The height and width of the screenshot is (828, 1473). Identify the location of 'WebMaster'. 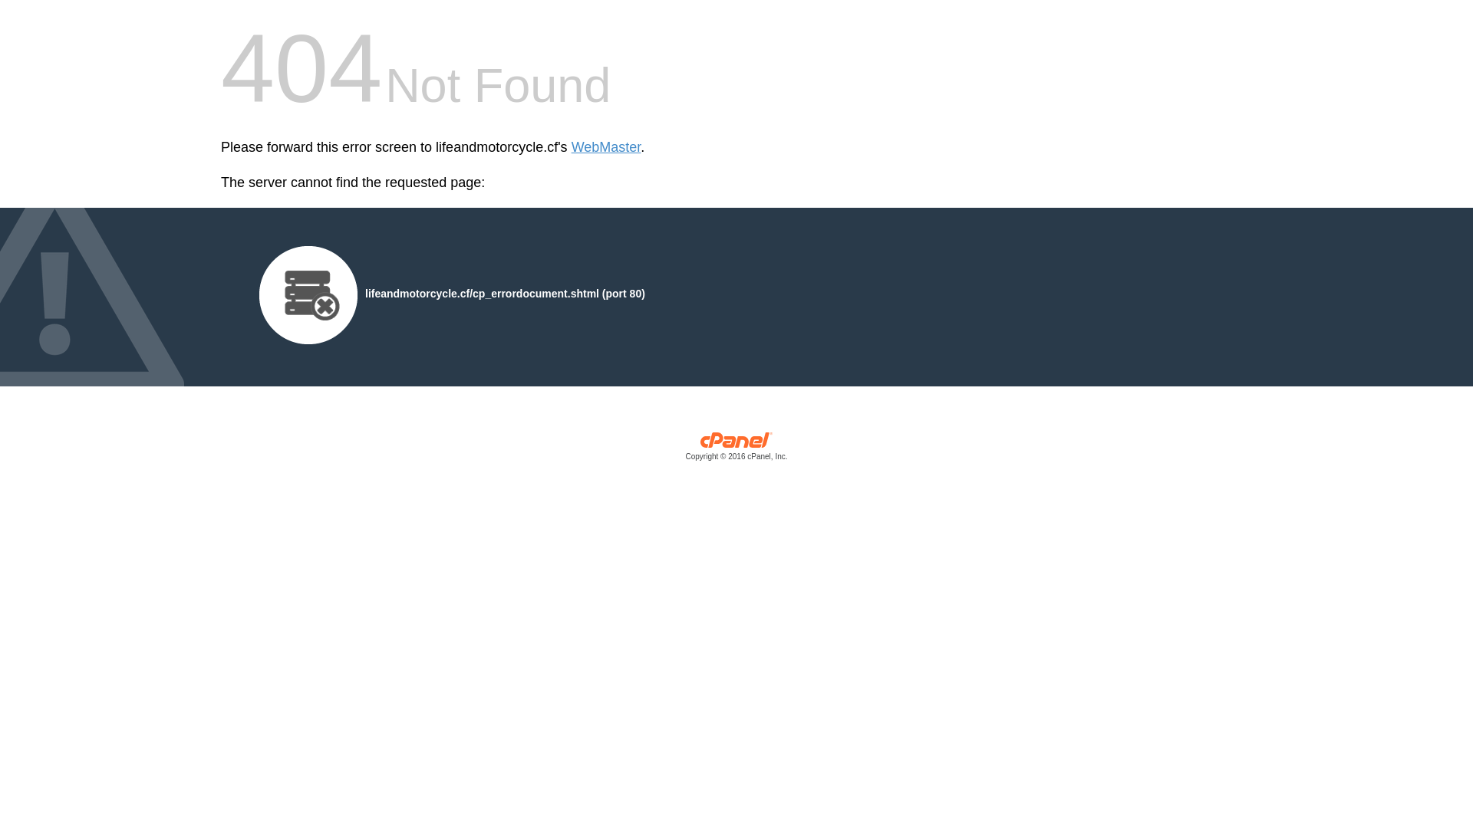
(605, 147).